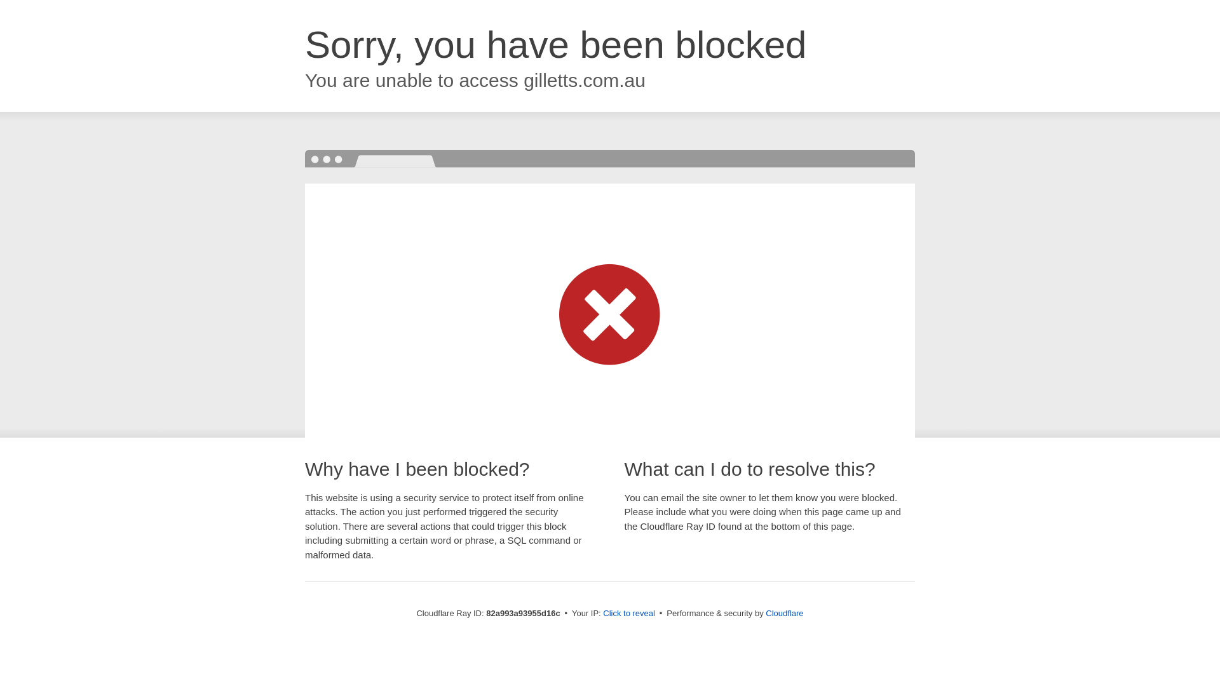  I want to click on 'Click to reveal', so click(602, 612).